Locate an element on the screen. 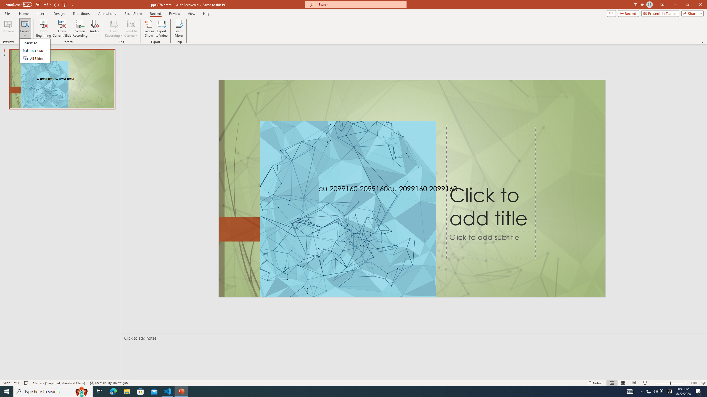 The height and width of the screenshot is (397, 707). 'Reading View' is located at coordinates (634, 383).